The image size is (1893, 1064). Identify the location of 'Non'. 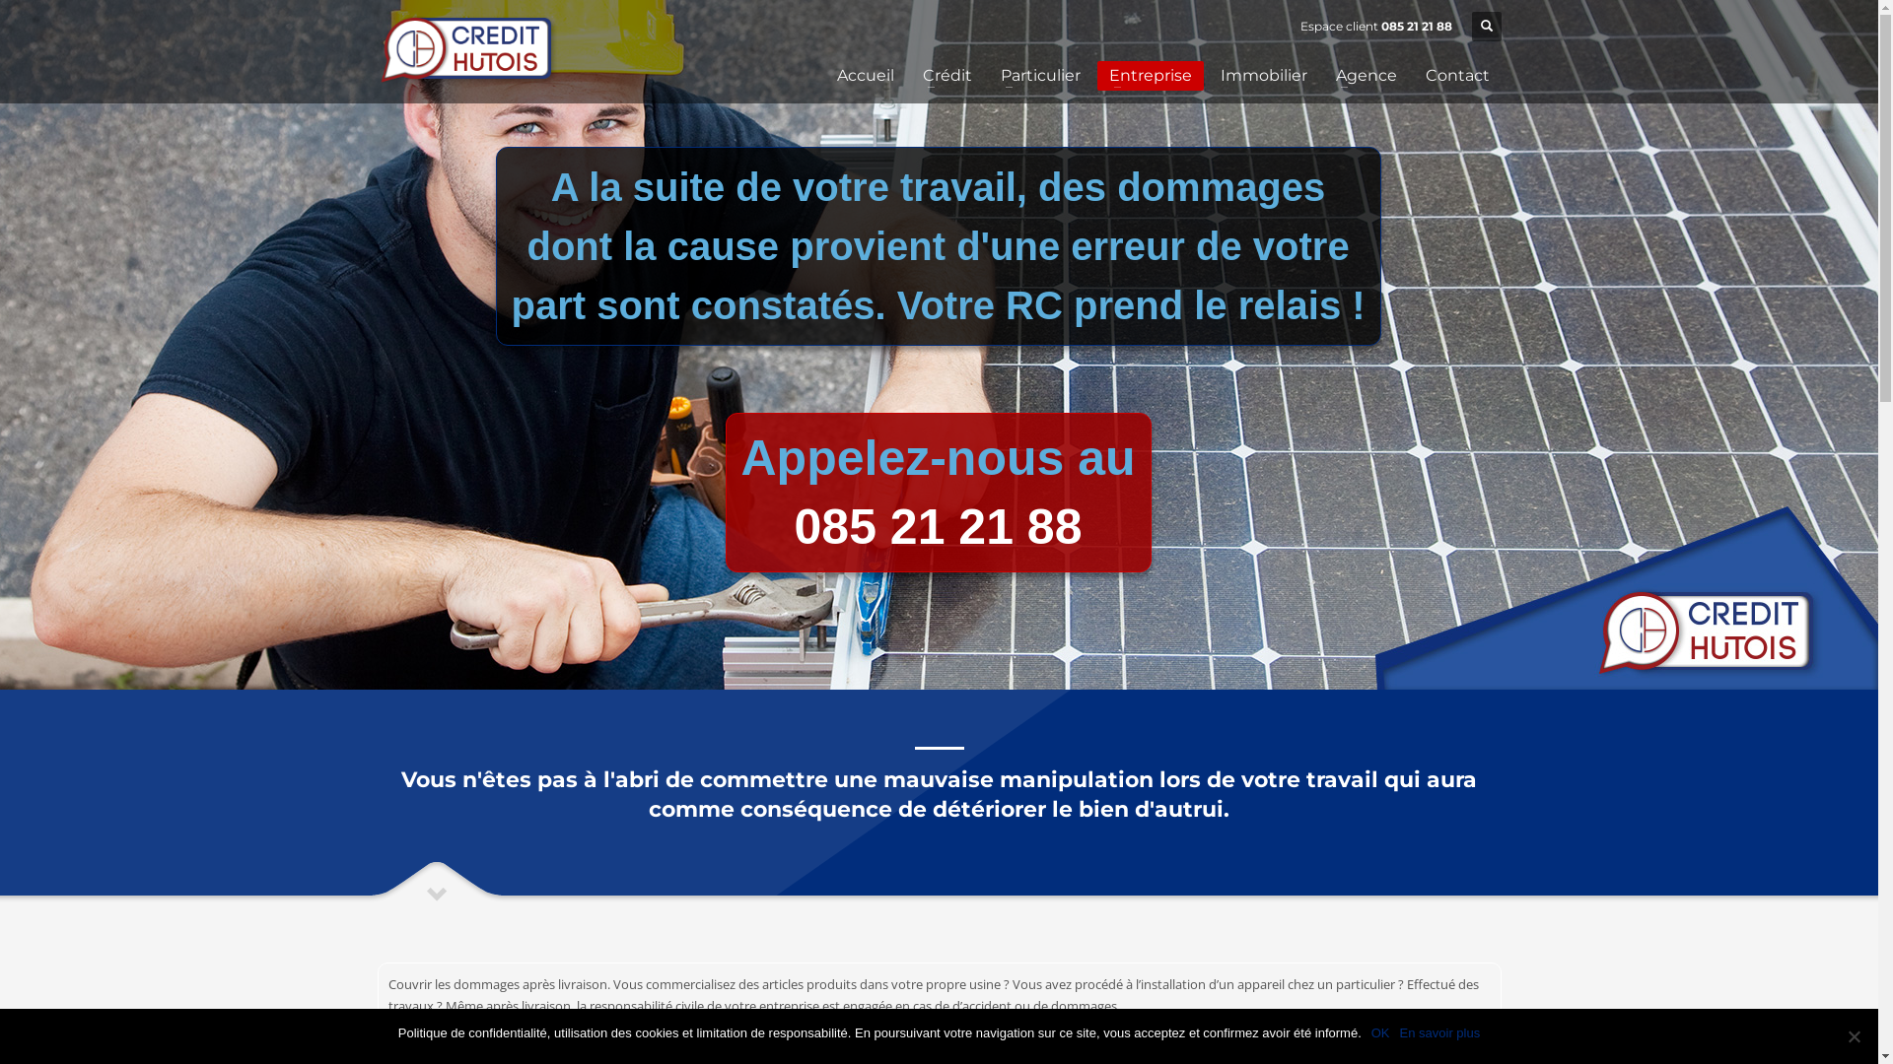
(1853, 1035).